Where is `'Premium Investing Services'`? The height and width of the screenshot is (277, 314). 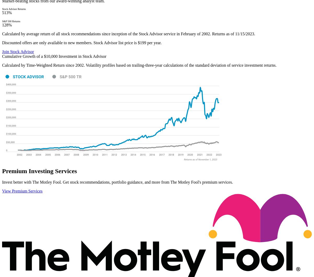 'Premium Investing Services' is located at coordinates (39, 171).